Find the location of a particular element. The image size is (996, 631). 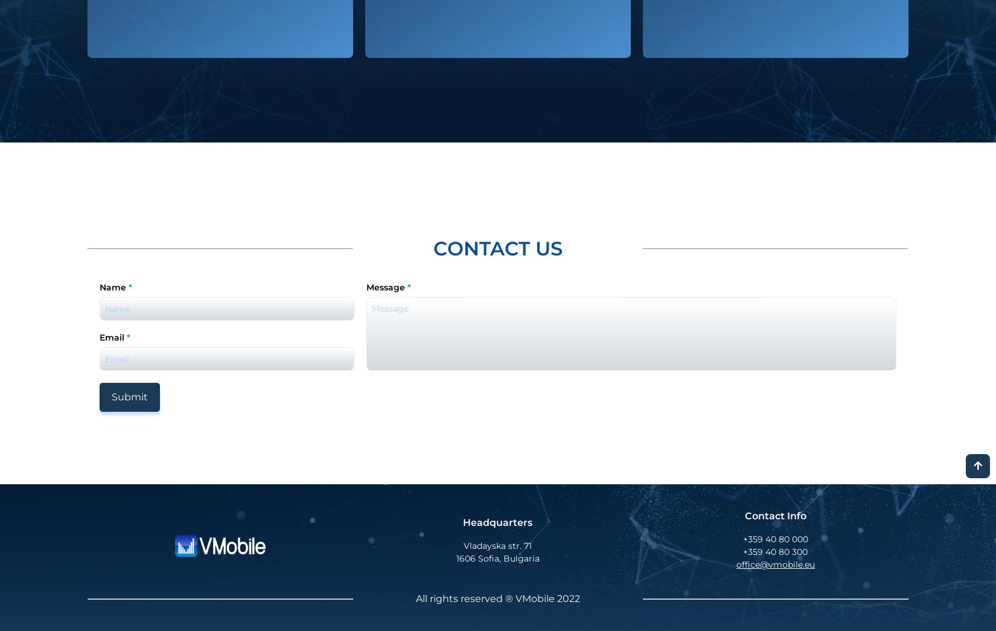

'CONTACT US' is located at coordinates (497, 248).